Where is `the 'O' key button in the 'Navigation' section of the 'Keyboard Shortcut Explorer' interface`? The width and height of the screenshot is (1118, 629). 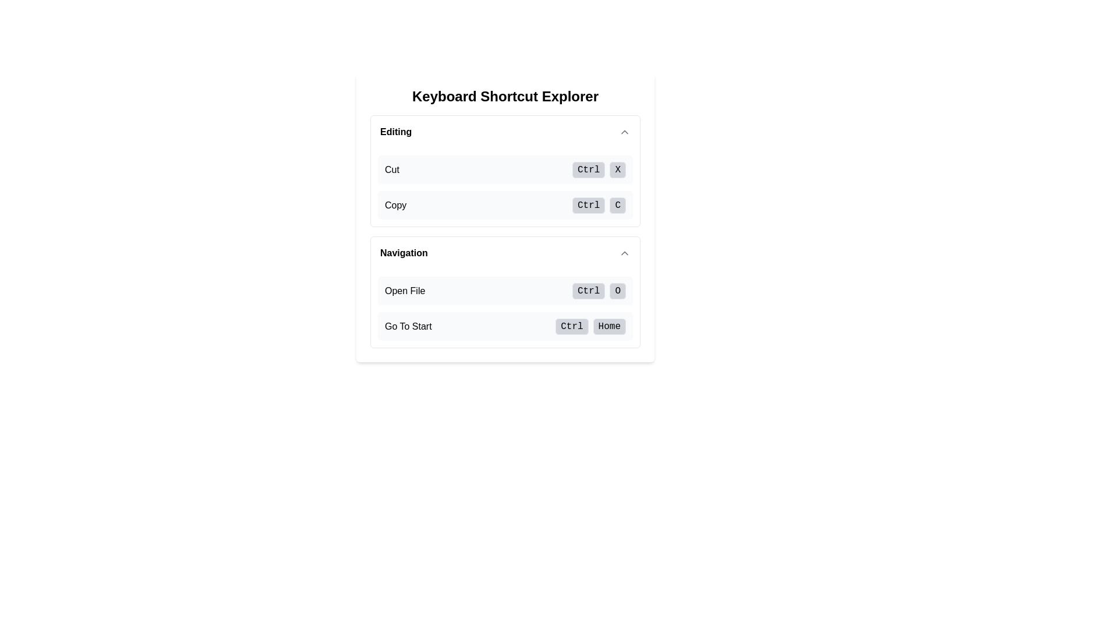
the 'O' key button in the 'Navigation' section of the 'Keyboard Shortcut Explorer' interface is located at coordinates (617, 291).